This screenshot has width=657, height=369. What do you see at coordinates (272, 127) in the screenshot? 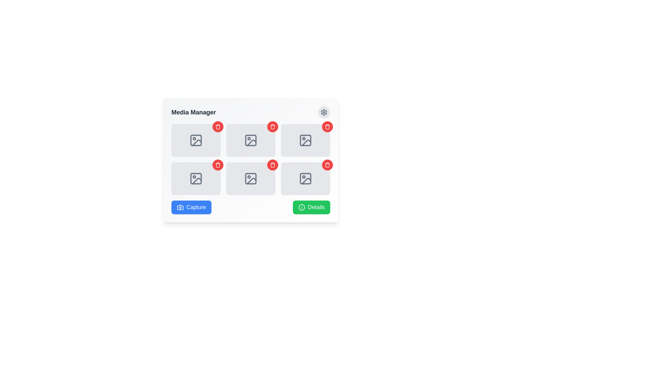
I see `the trash can icon component, which is part of a grid layout in the third column of the second row, designed for deletion purposes` at bounding box center [272, 127].